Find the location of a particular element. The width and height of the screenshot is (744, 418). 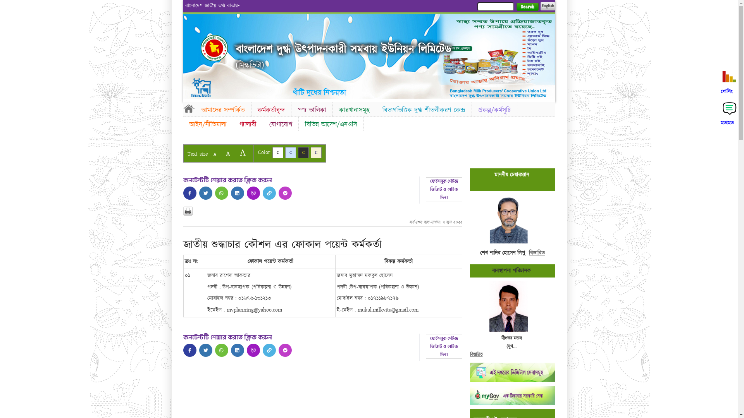

'A' is located at coordinates (214, 154).